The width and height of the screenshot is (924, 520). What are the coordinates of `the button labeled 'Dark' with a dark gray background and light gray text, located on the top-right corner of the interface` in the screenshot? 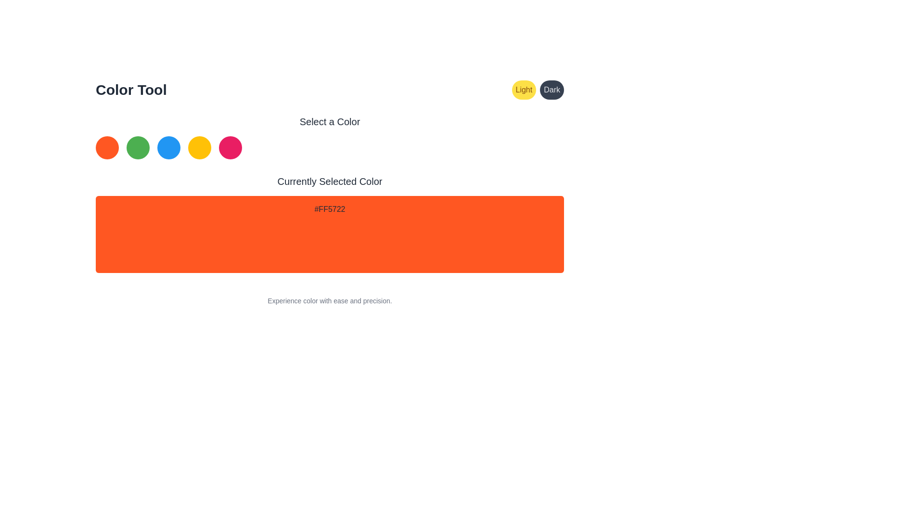 It's located at (552, 90).